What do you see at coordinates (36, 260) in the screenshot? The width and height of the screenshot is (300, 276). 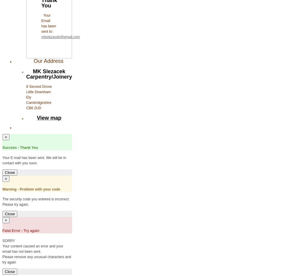 I see `'Please remove any unusual characters and try again'` at bounding box center [36, 260].